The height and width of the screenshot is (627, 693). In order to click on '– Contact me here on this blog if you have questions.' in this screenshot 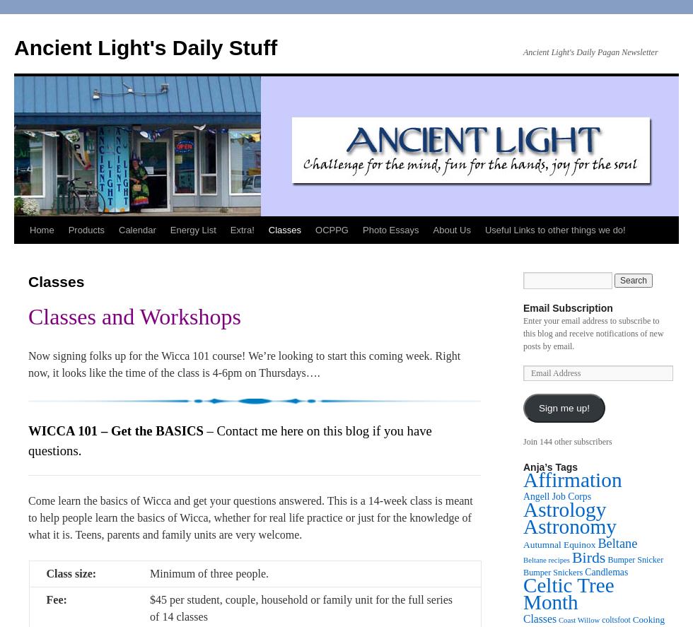, I will do `click(229, 440)`.